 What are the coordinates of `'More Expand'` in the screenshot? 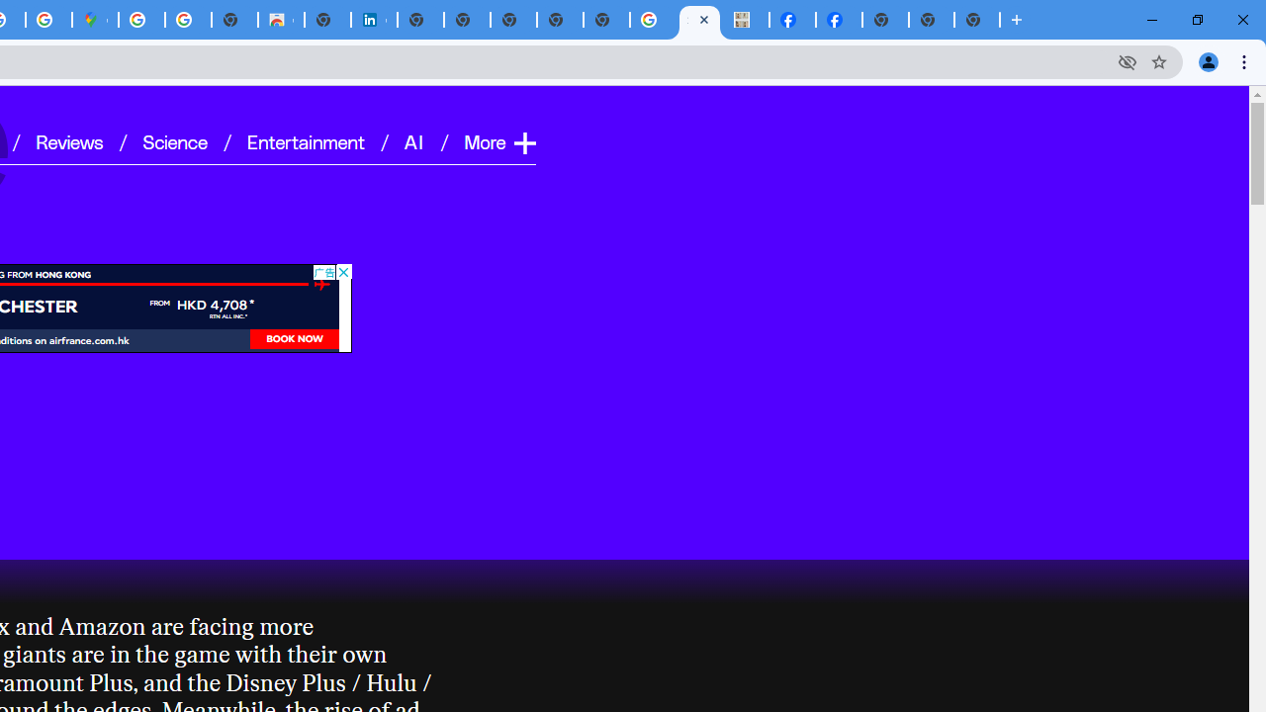 It's located at (498, 140).